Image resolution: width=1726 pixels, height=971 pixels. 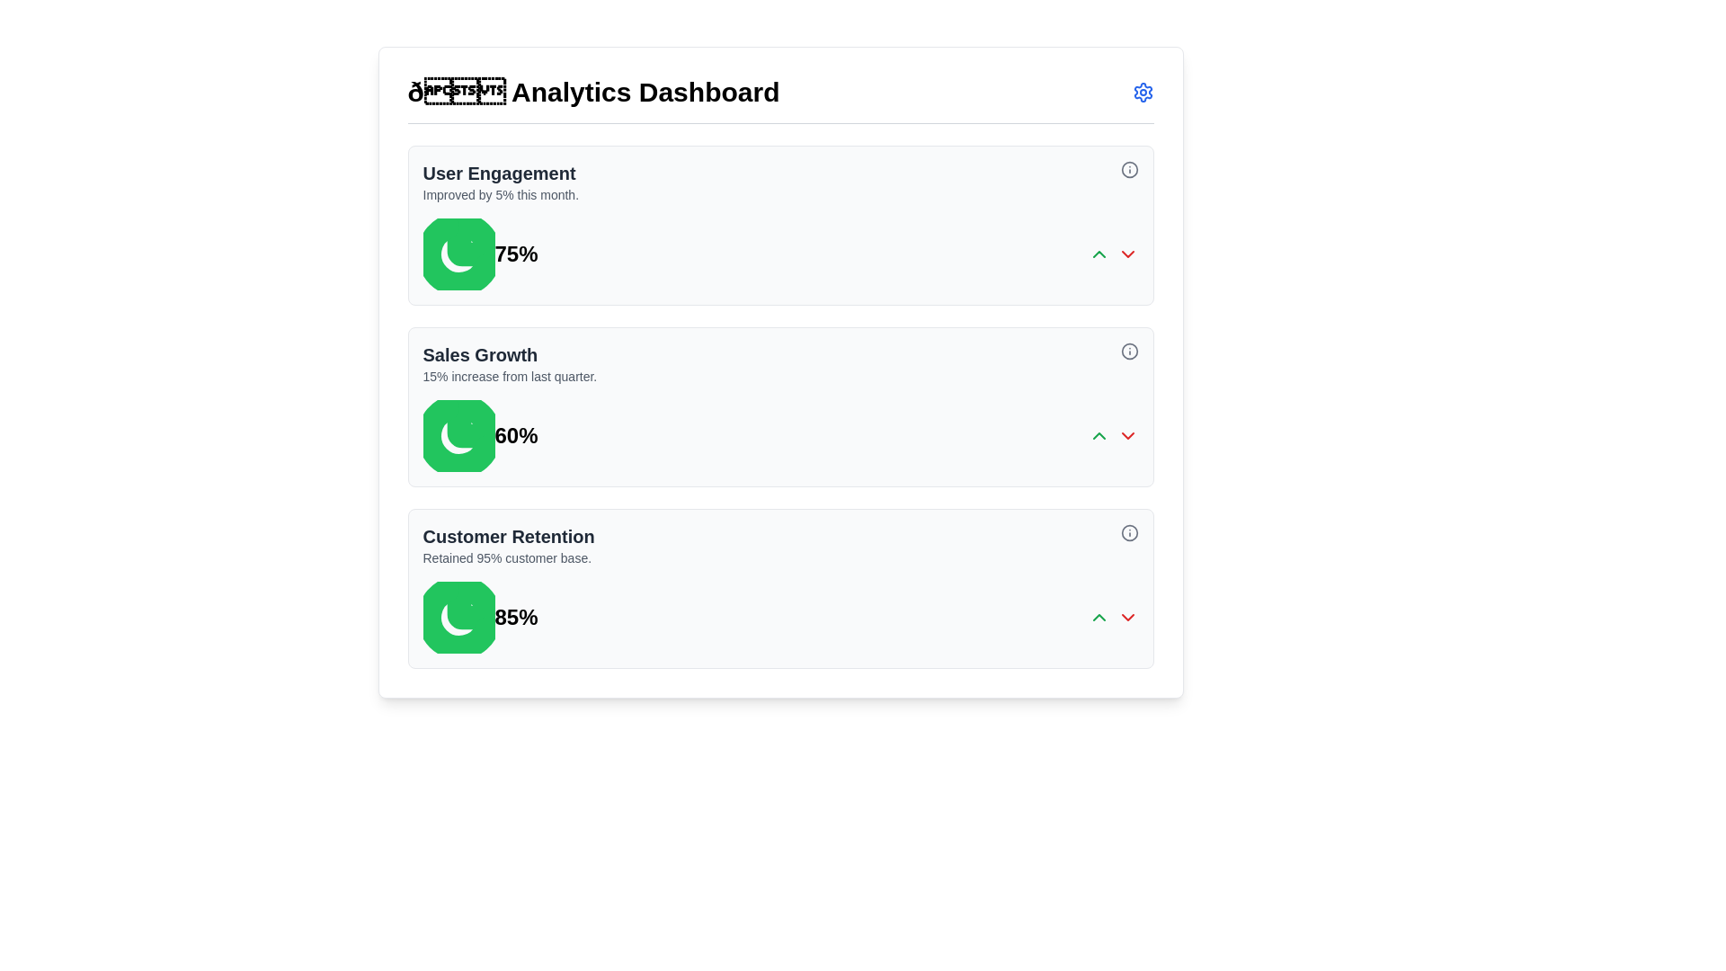 I want to click on the text label displaying '60%' in bold font, located in the middle of the sales growth section of the analytics dashboard, which is aligned to the right of a pie chart icon and above an interactive arrow icon, so click(x=515, y=436).